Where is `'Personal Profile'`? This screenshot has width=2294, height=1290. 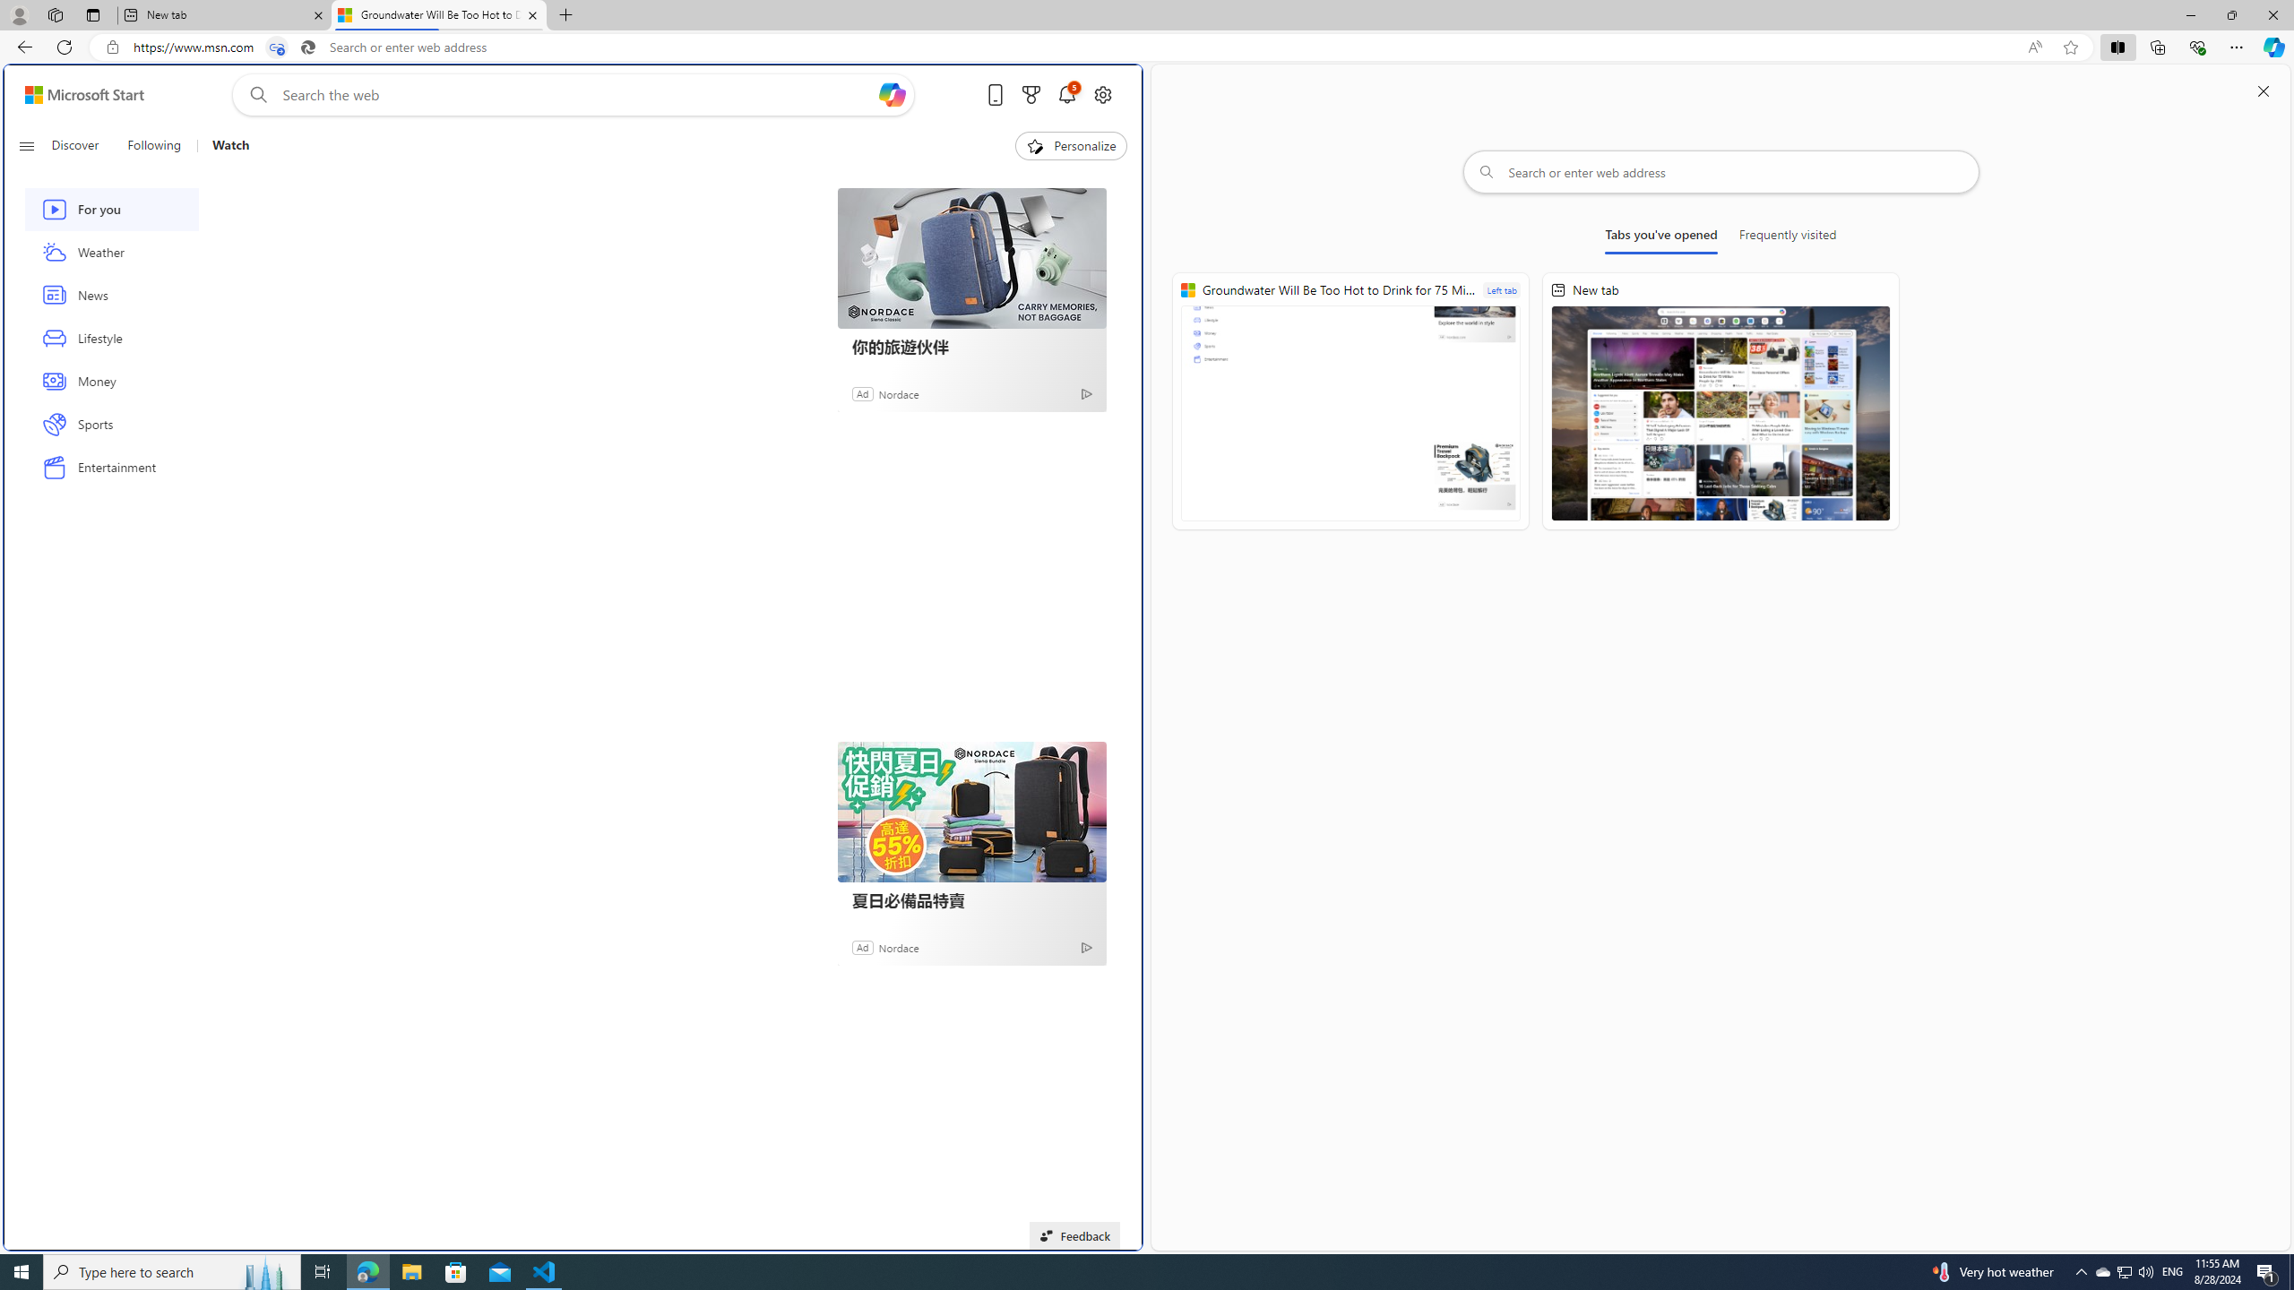
'Personal Profile' is located at coordinates (18, 14).